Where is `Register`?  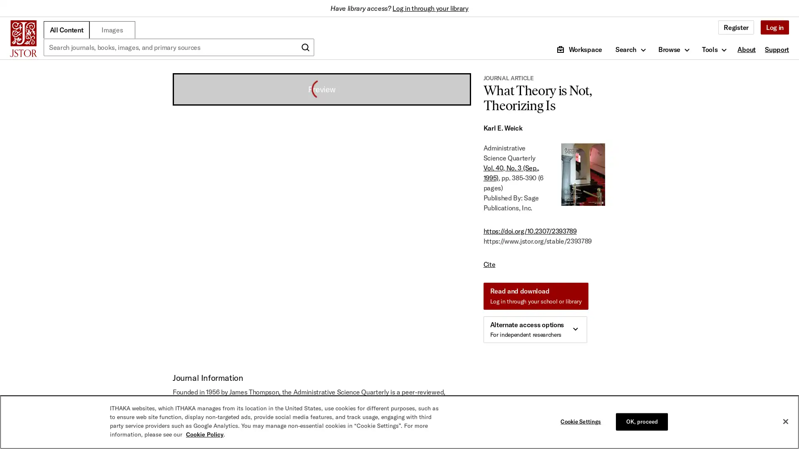
Register is located at coordinates (736, 27).